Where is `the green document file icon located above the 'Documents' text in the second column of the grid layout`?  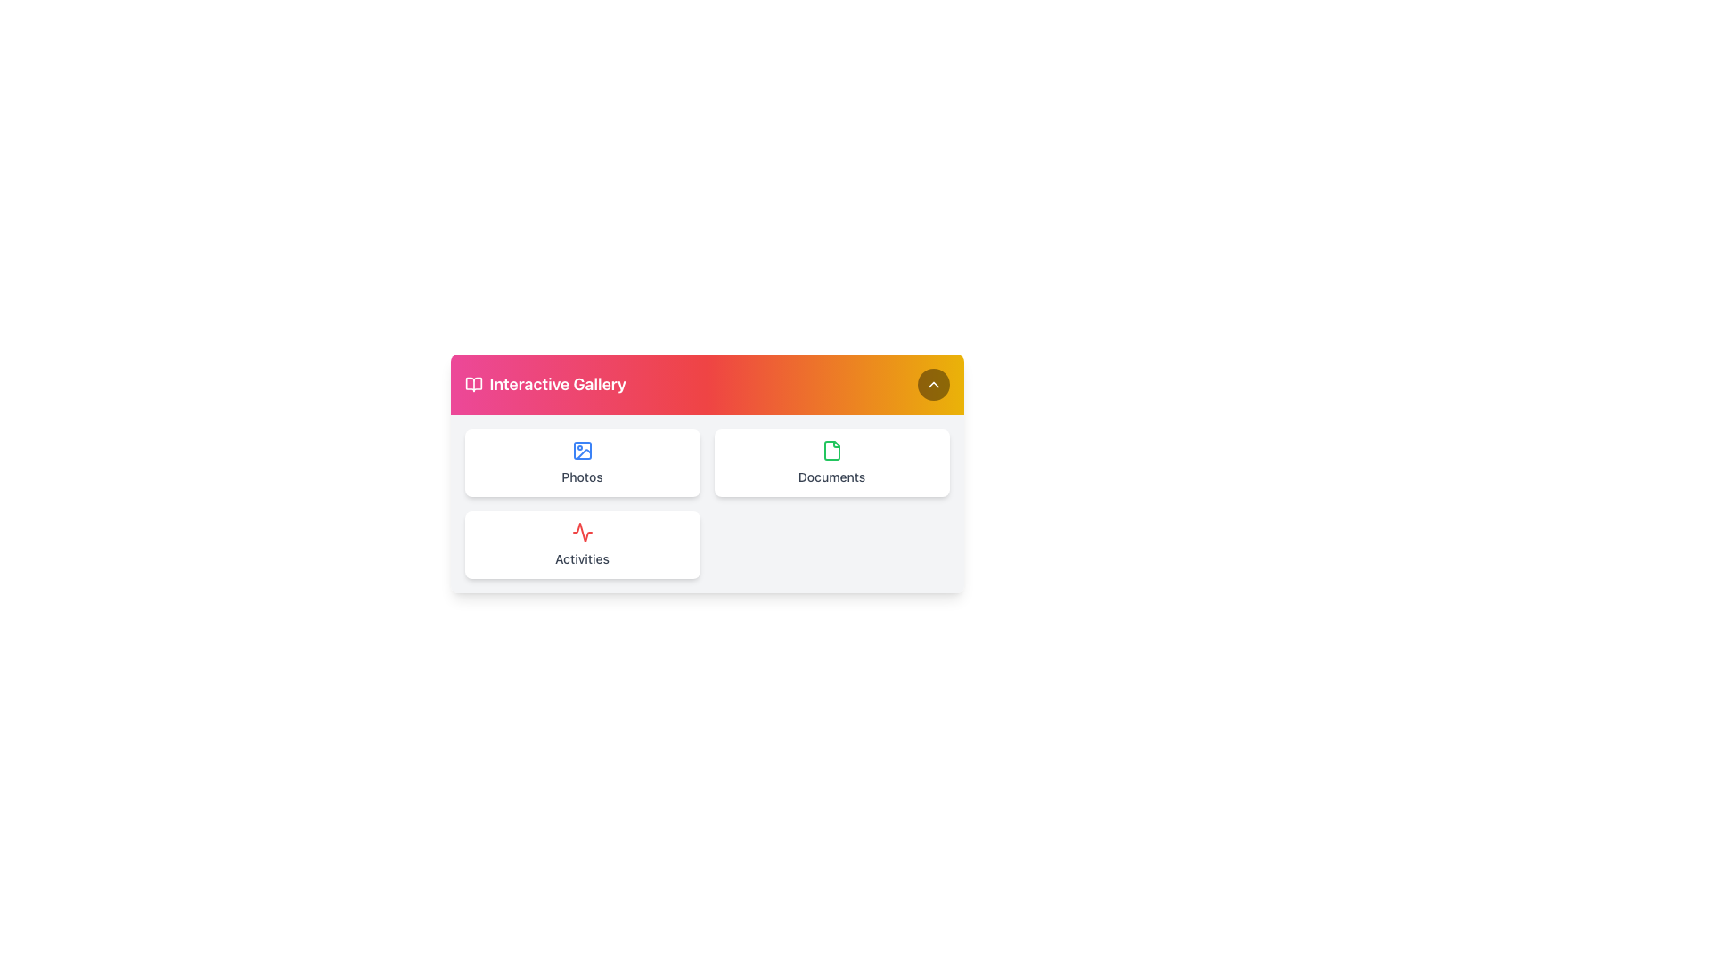 the green document file icon located above the 'Documents' text in the second column of the grid layout is located at coordinates (831, 449).